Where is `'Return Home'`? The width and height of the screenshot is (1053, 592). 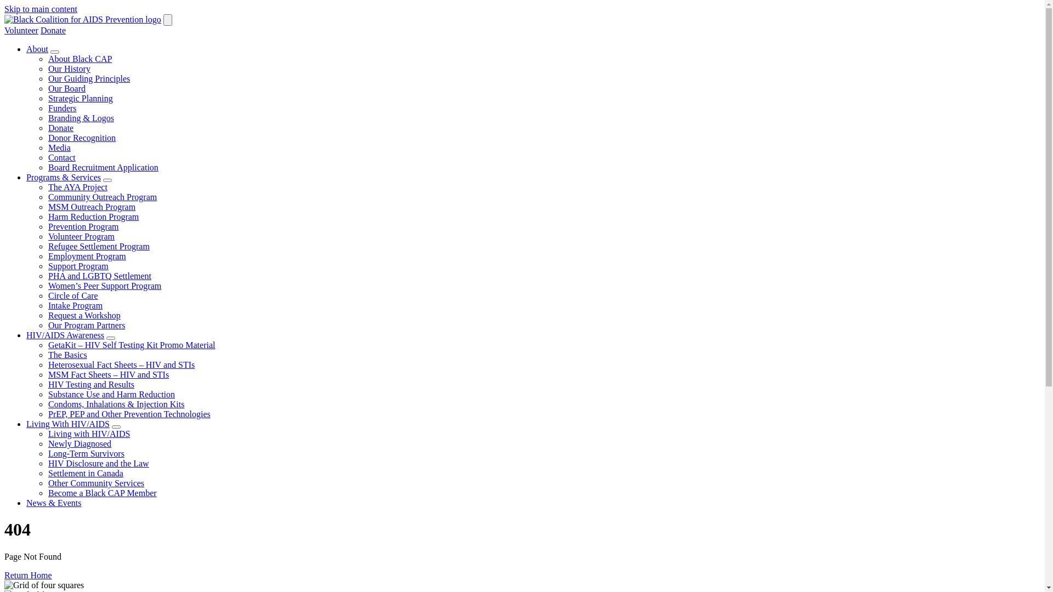
'Return Home' is located at coordinates (28, 574).